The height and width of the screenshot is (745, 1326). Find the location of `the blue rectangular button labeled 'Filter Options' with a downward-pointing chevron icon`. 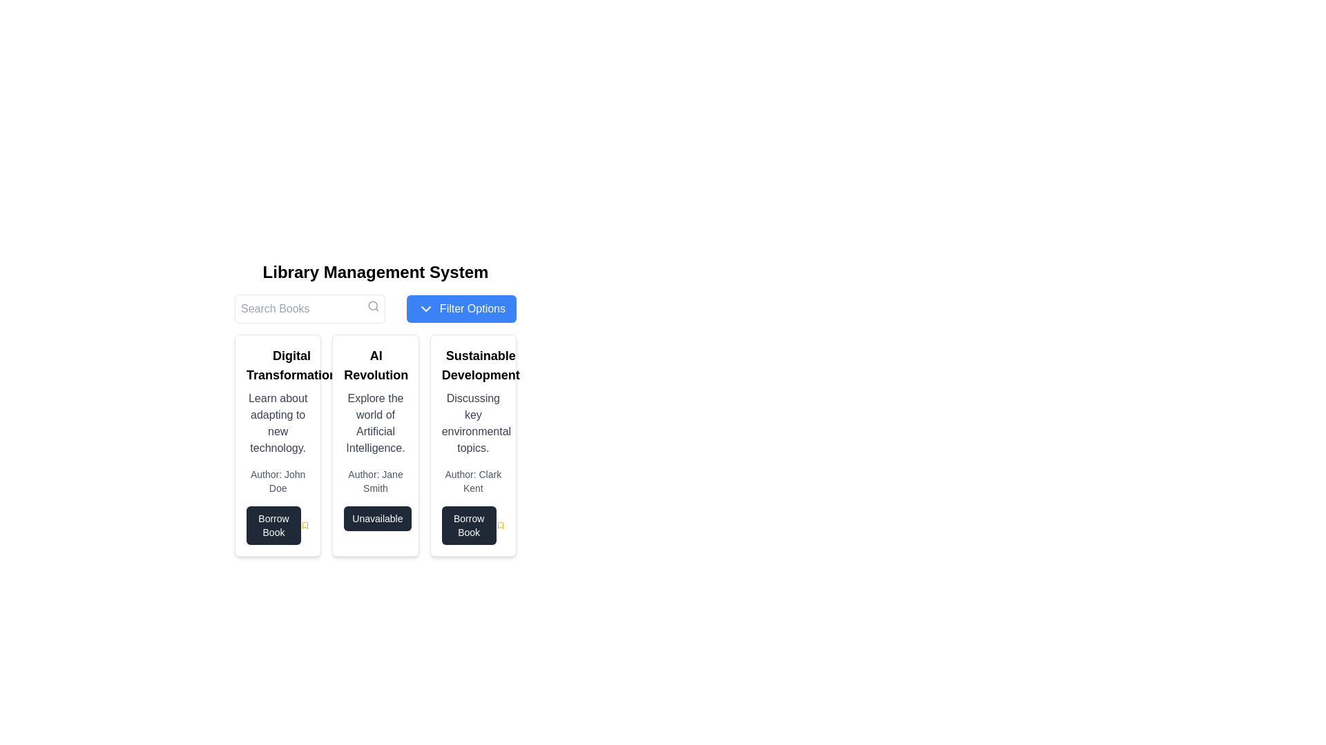

the blue rectangular button labeled 'Filter Options' with a downward-pointing chevron icon is located at coordinates (461, 308).